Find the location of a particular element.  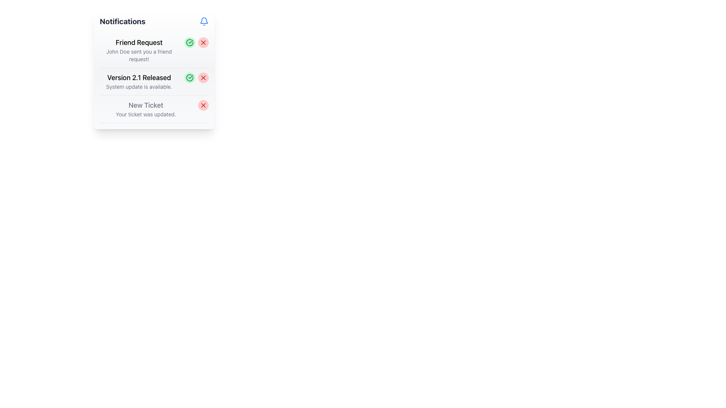

the close button located to the right of the text 'Version 2.1 Released' in the notification list is located at coordinates (203, 77).